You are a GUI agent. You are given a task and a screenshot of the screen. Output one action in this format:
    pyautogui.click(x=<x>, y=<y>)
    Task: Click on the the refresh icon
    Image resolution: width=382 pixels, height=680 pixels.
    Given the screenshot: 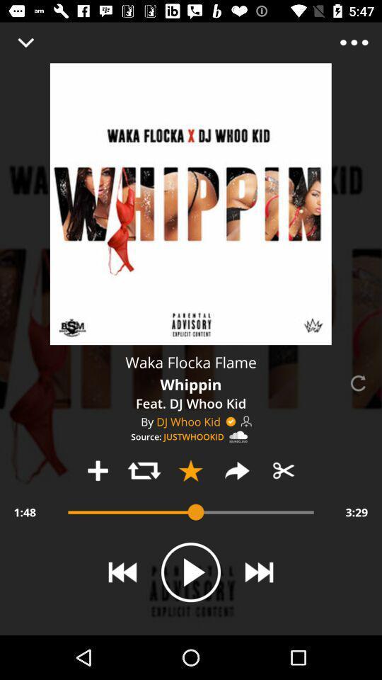 What is the action you would take?
    pyautogui.click(x=357, y=383)
    